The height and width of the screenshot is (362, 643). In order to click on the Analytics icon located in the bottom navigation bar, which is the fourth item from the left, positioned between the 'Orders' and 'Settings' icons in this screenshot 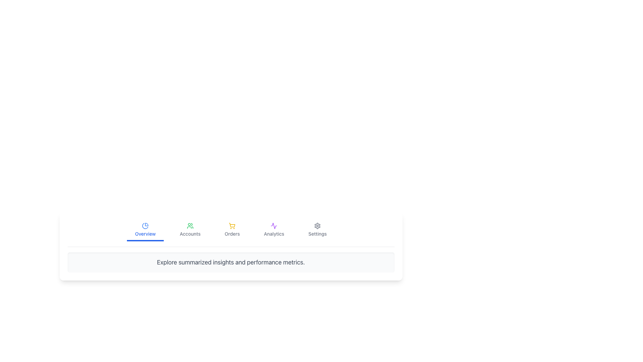, I will do `click(274, 226)`.